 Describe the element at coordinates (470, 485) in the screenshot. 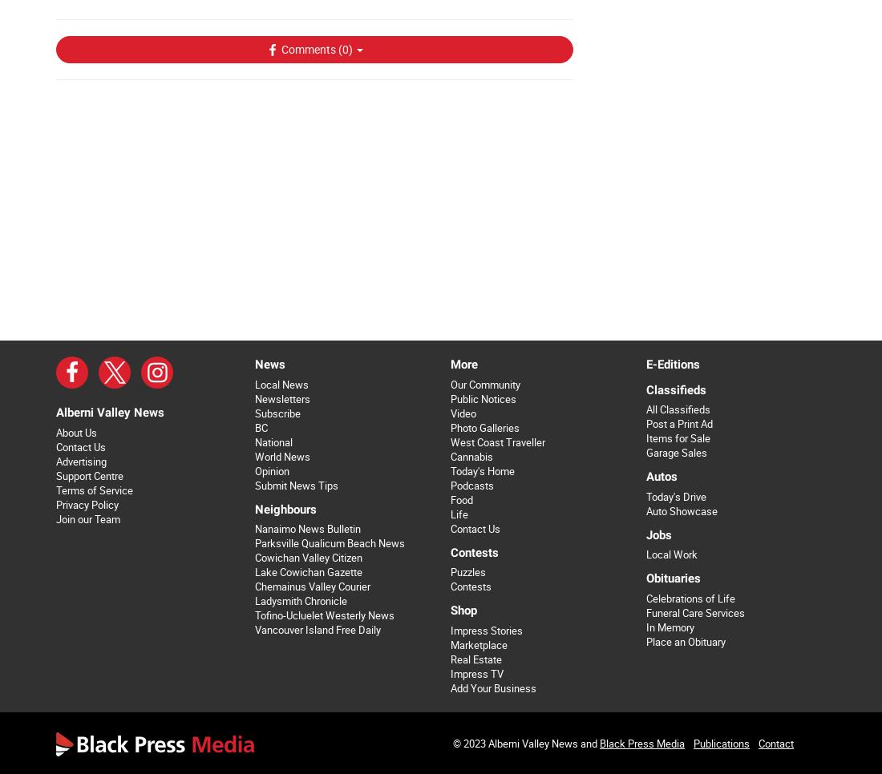

I see `'Podcasts'` at that location.